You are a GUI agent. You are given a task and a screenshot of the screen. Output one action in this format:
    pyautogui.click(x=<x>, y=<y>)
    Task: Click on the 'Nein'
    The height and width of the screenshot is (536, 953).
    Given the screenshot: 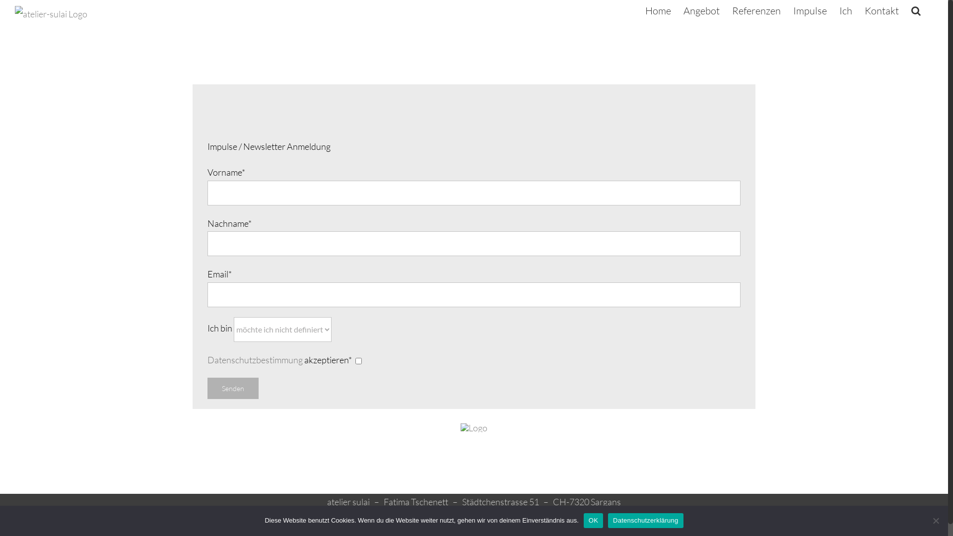 What is the action you would take?
    pyautogui.click(x=935, y=520)
    